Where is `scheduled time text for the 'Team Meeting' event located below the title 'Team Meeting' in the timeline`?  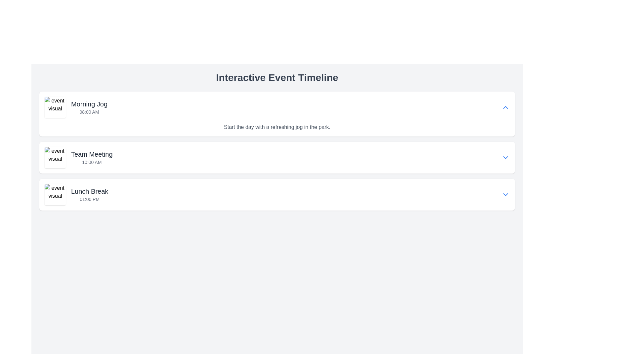 scheduled time text for the 'Team Meeting' event located below the title 'Team Meeting' in the timeline is located at coordinates (91, 162).